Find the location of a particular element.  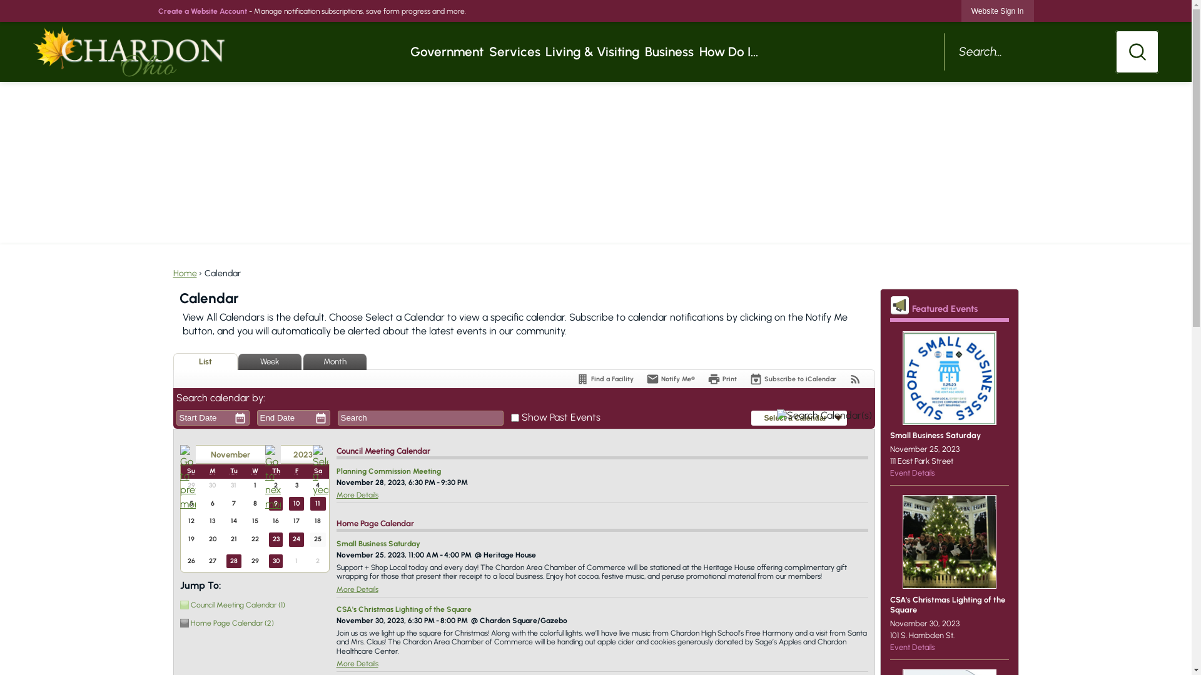

'Government' is located at coordinates (447, 51).